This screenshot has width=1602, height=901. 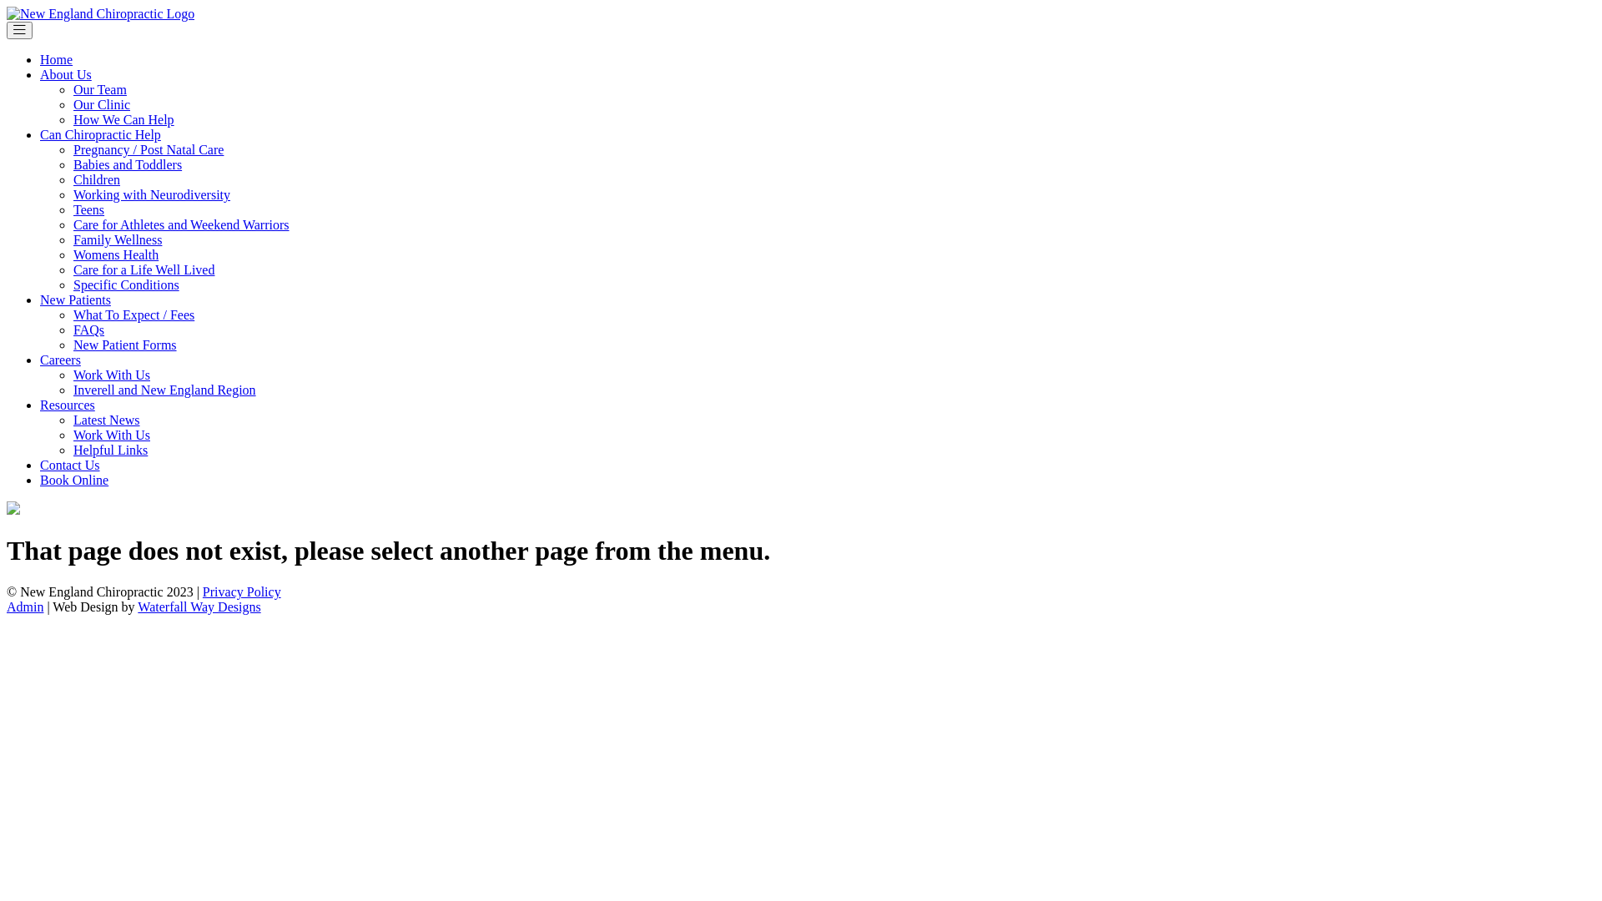 What do you see at coordinates (65, 73) in the screenshot?
I see `'About Us'` at bounding box center [65, 73].